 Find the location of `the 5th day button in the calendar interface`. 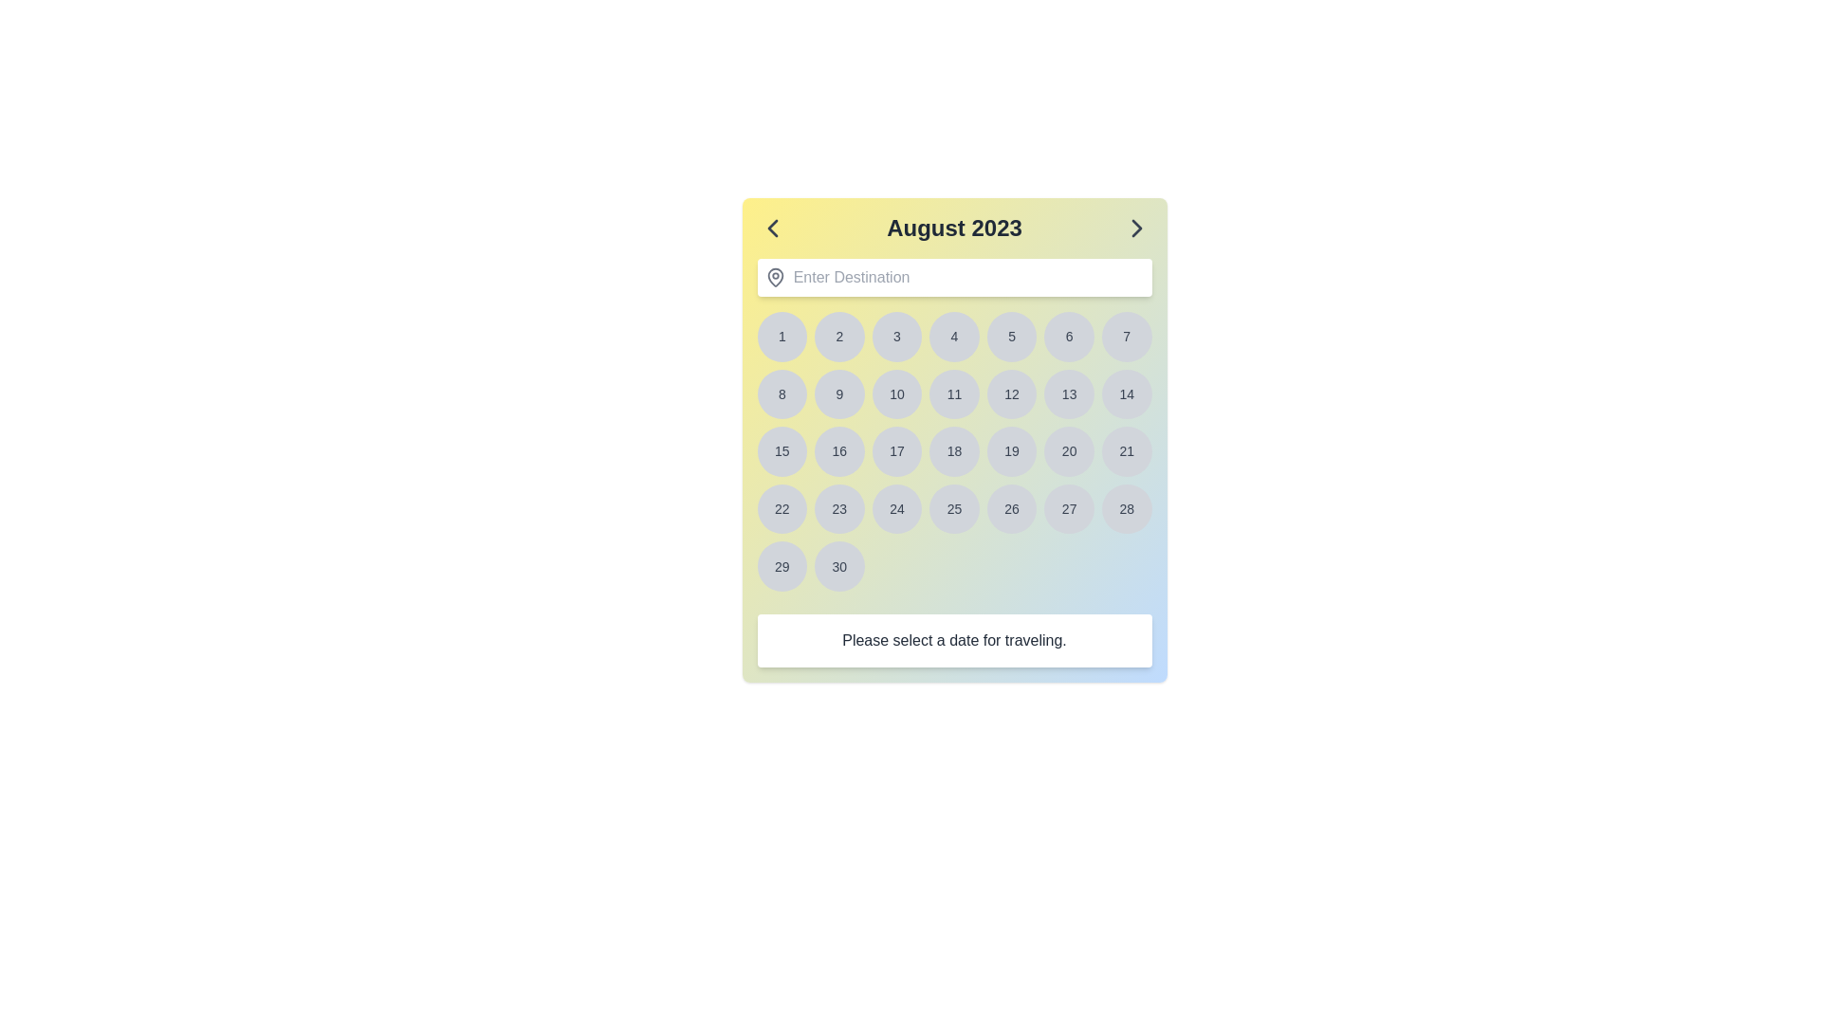

the 5th day button in the calendar interface is located at coordinates (1011, 336).